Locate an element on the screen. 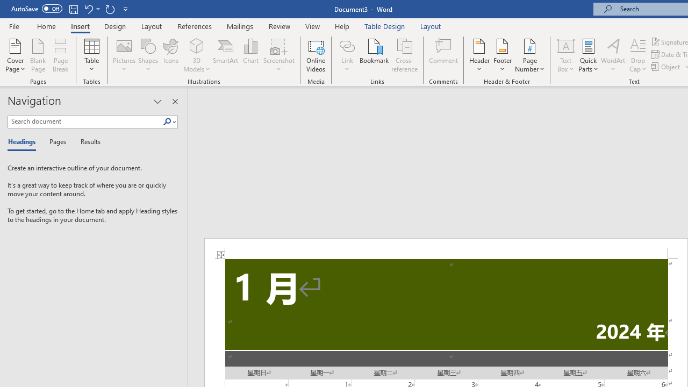 Image resolution: width=688 pixels, height=387 pixels. 'Cover Page' is located at coordinates (15, 55).